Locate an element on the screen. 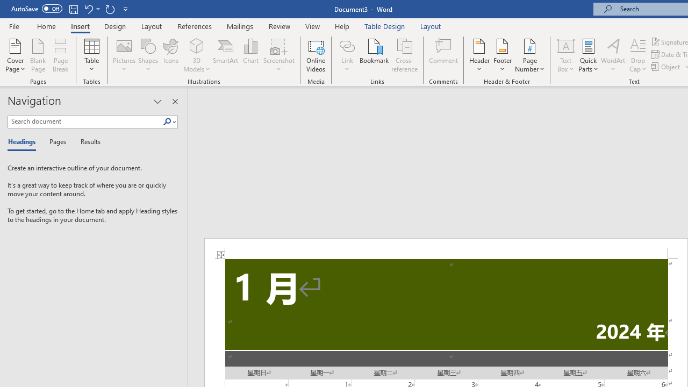 Image resolution: width=688 pixels, height=387 pixels. 'Cover Page' is located at coordinates (15, 55).